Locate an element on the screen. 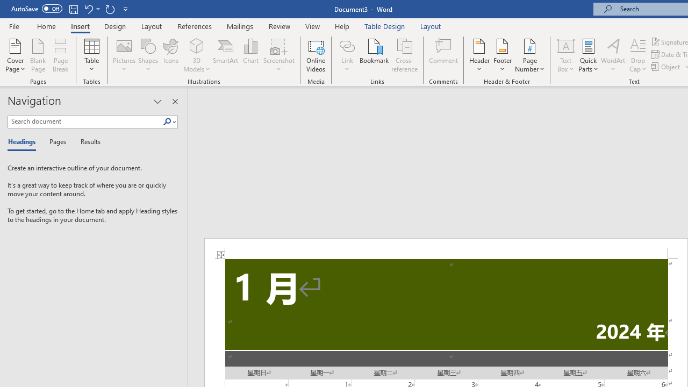 Image resolution: width=688 pixels, height=387 pixels. 'Cover Page' is located at coordinates (15, 55).